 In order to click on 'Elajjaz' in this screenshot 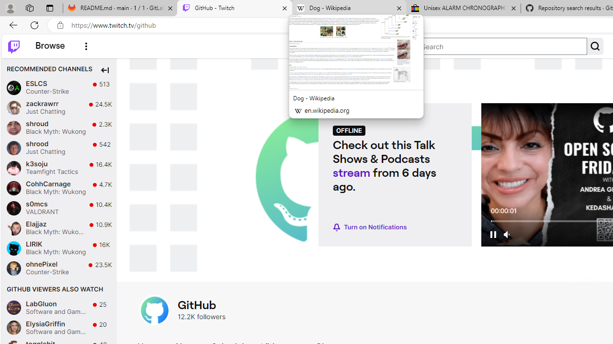, I will do `click(13, 228)`.